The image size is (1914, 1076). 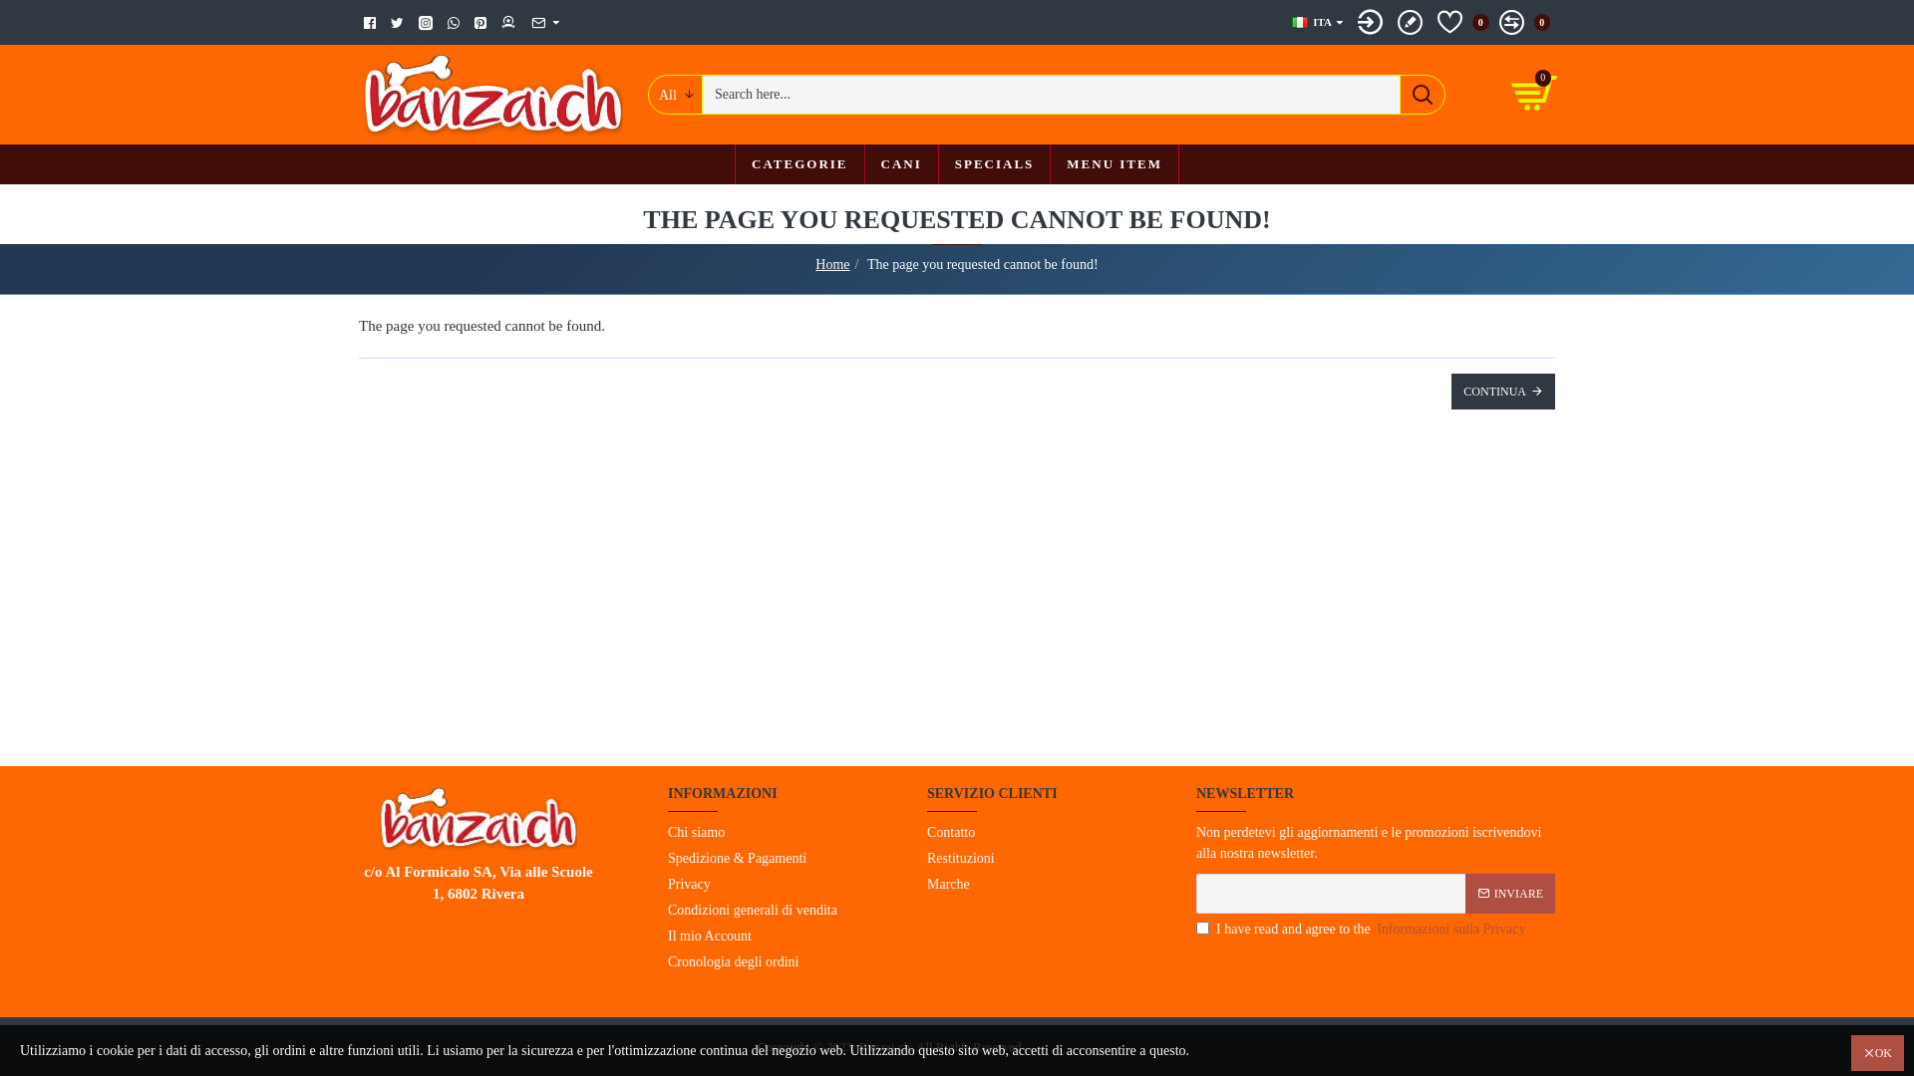 What do you see at coordinates (799, 163) in the screenshot?
I see `'CATEGORIE'` at bounding box center [799, 163].